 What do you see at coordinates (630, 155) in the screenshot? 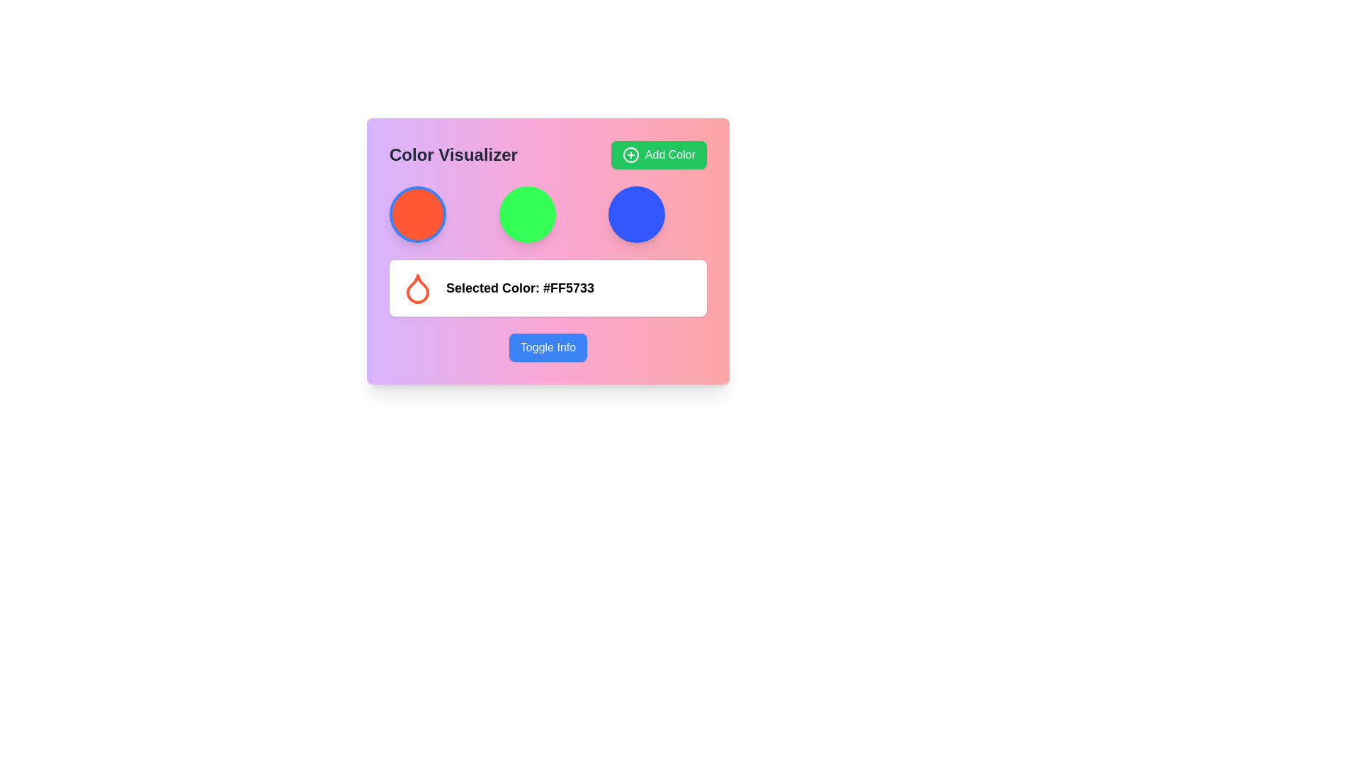
I see `the circular icon with a plus (+) symbol, which represents the 'Add Color' functionality, located within the green 'Add Color' button at the top-right corner of the main interface panel` at bounding box center [630, 155].